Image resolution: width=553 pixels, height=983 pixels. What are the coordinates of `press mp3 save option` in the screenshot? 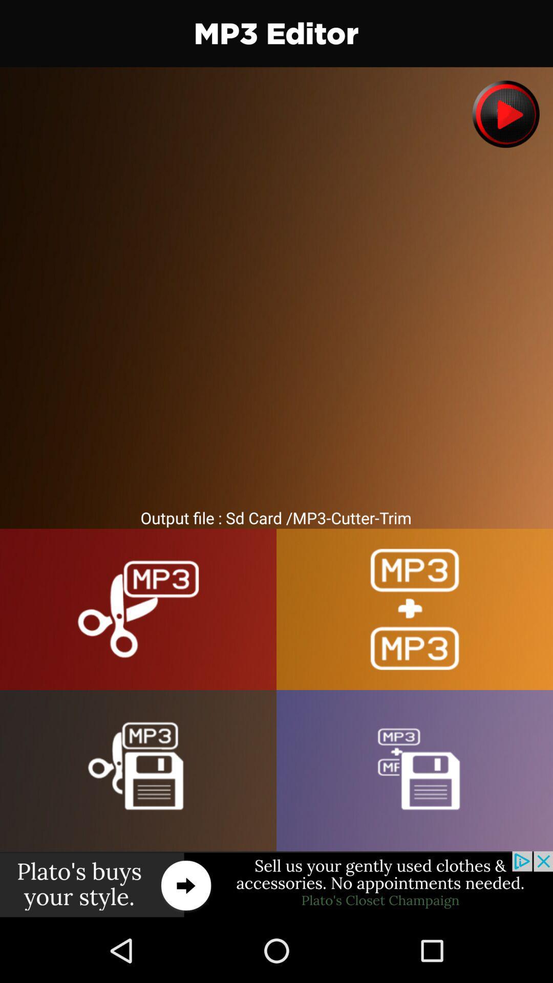 It's located at (138, 771).